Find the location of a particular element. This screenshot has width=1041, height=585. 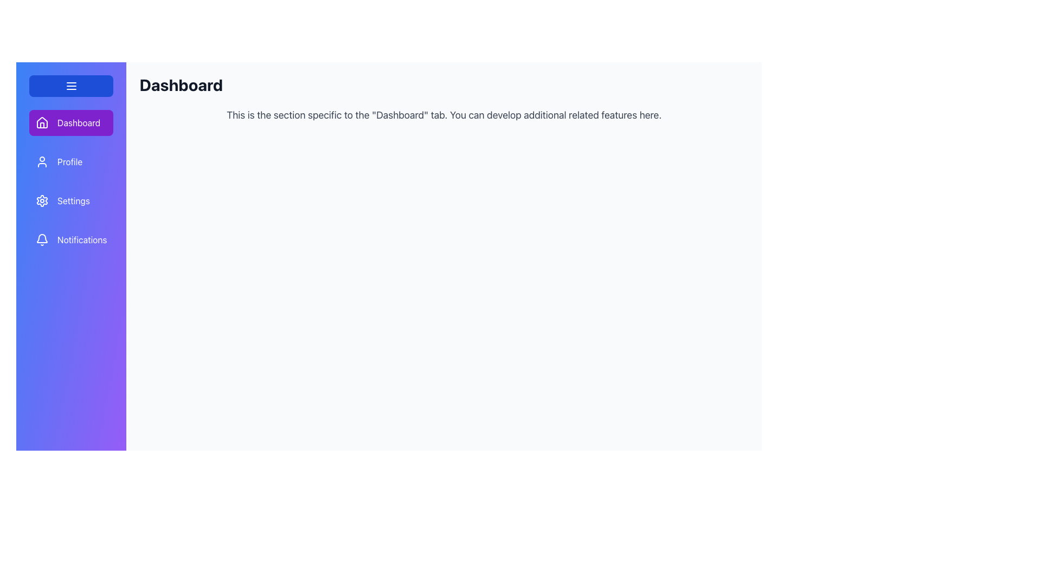

the toggle button for expanding or collapsing the sidebar located at the top-left sidebar, above the navigation buttons is located at coordinates (70, 85).